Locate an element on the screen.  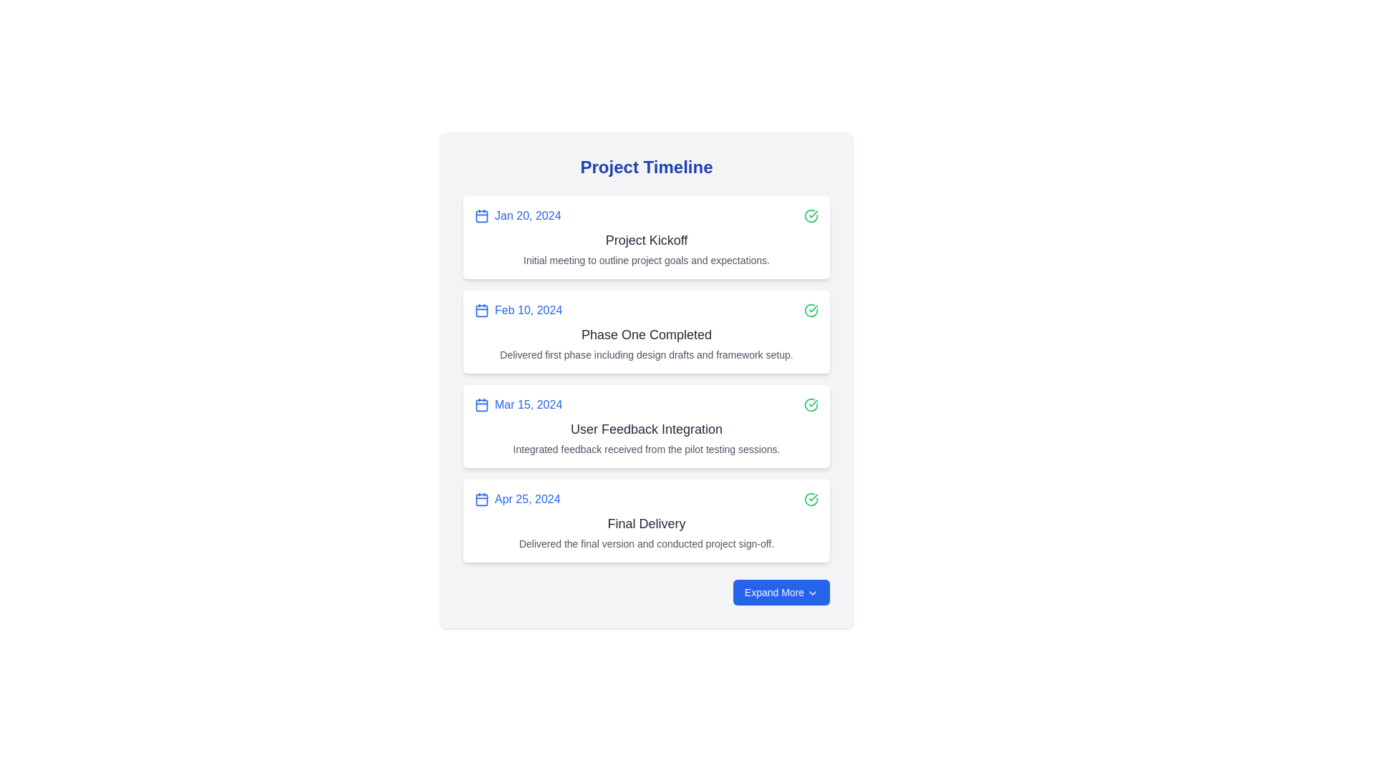
static text label that titles the event 'Mar 15, 2024 User Feedback Integration' located in the third timeline card is located at coordinates (645, 429).